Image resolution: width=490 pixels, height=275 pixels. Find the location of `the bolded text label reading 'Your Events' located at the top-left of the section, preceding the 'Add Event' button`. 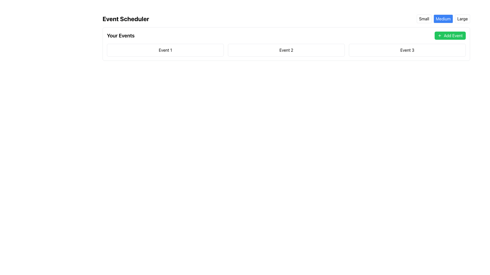

the bolded text label reading 'Your Events' located at the top-left of the section, preceding the 'Add Event' button is located at coordinates (120, 35).